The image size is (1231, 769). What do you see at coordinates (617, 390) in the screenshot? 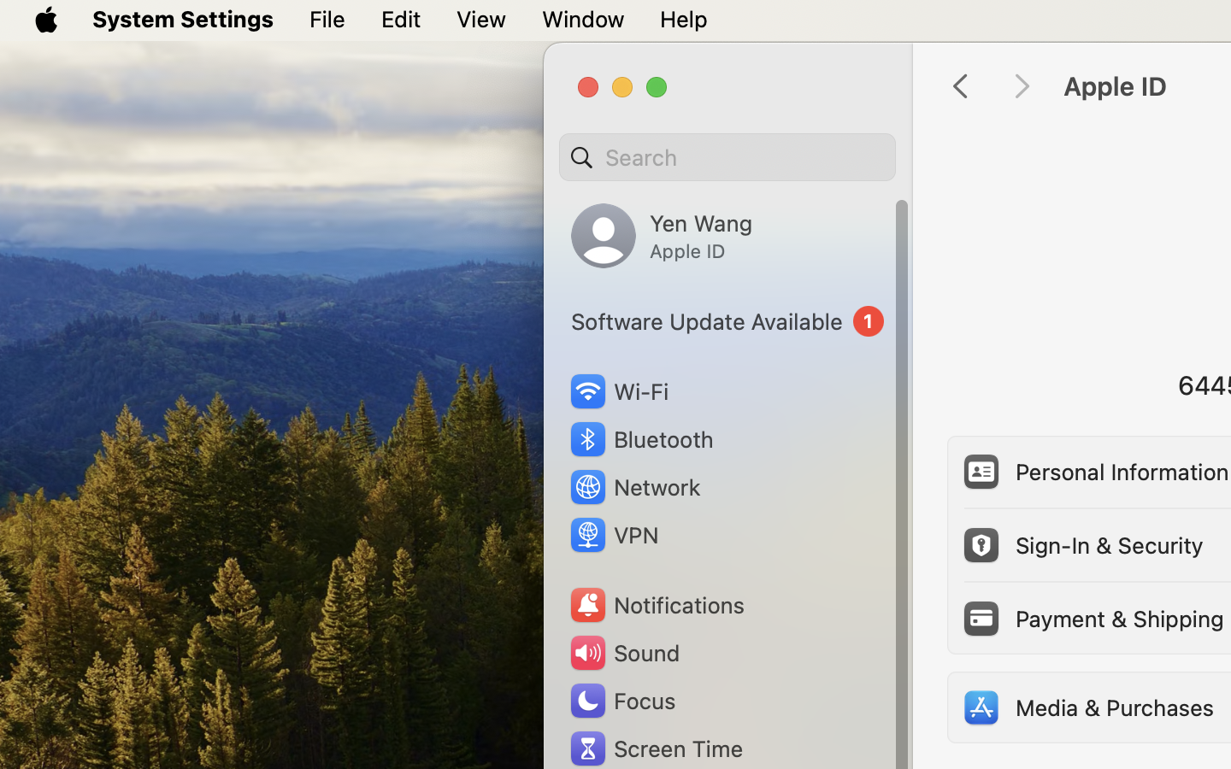
I see `'Wi‑Fi'` at bounding box center [617, 390].